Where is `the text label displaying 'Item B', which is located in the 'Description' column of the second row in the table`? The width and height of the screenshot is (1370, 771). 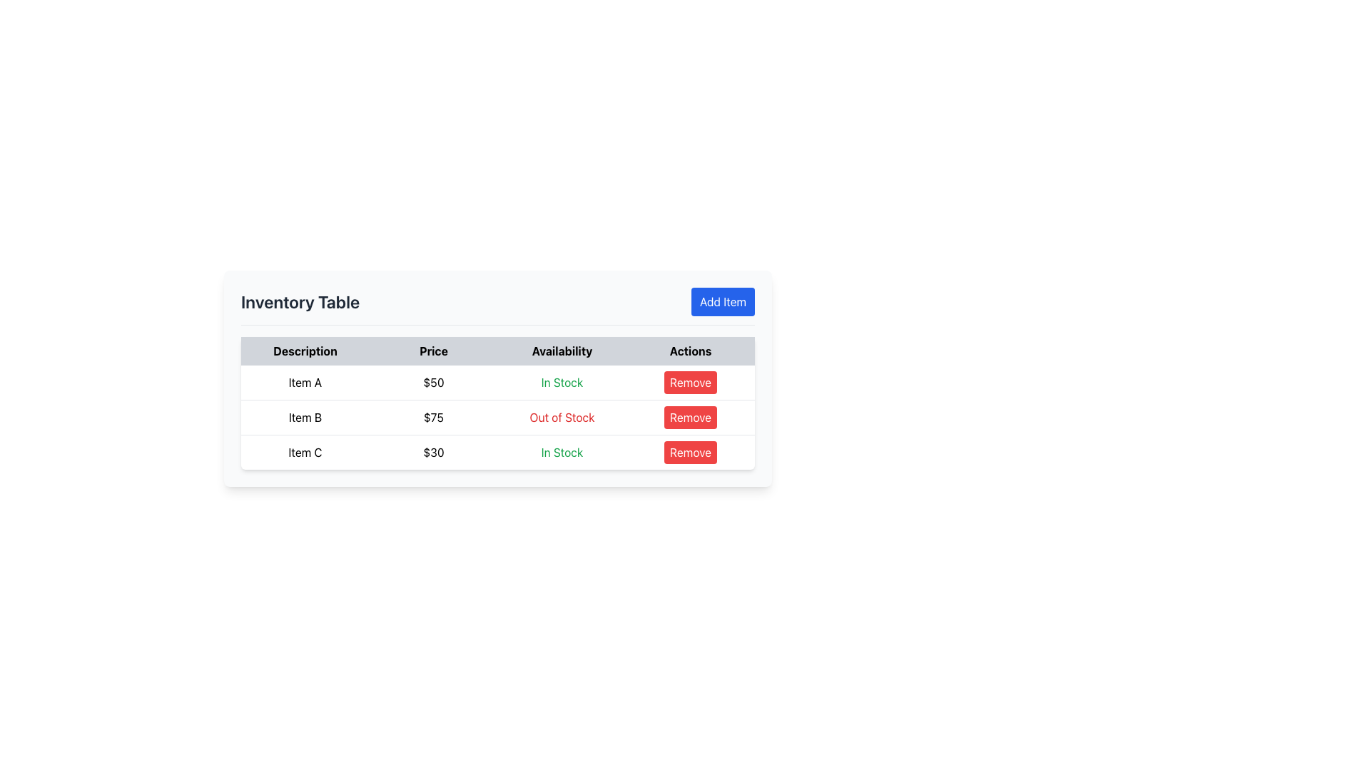 the text label displaying 'Item B', which is located in the 'Description' column of the second row in the table is located at coordinates (304, 418).